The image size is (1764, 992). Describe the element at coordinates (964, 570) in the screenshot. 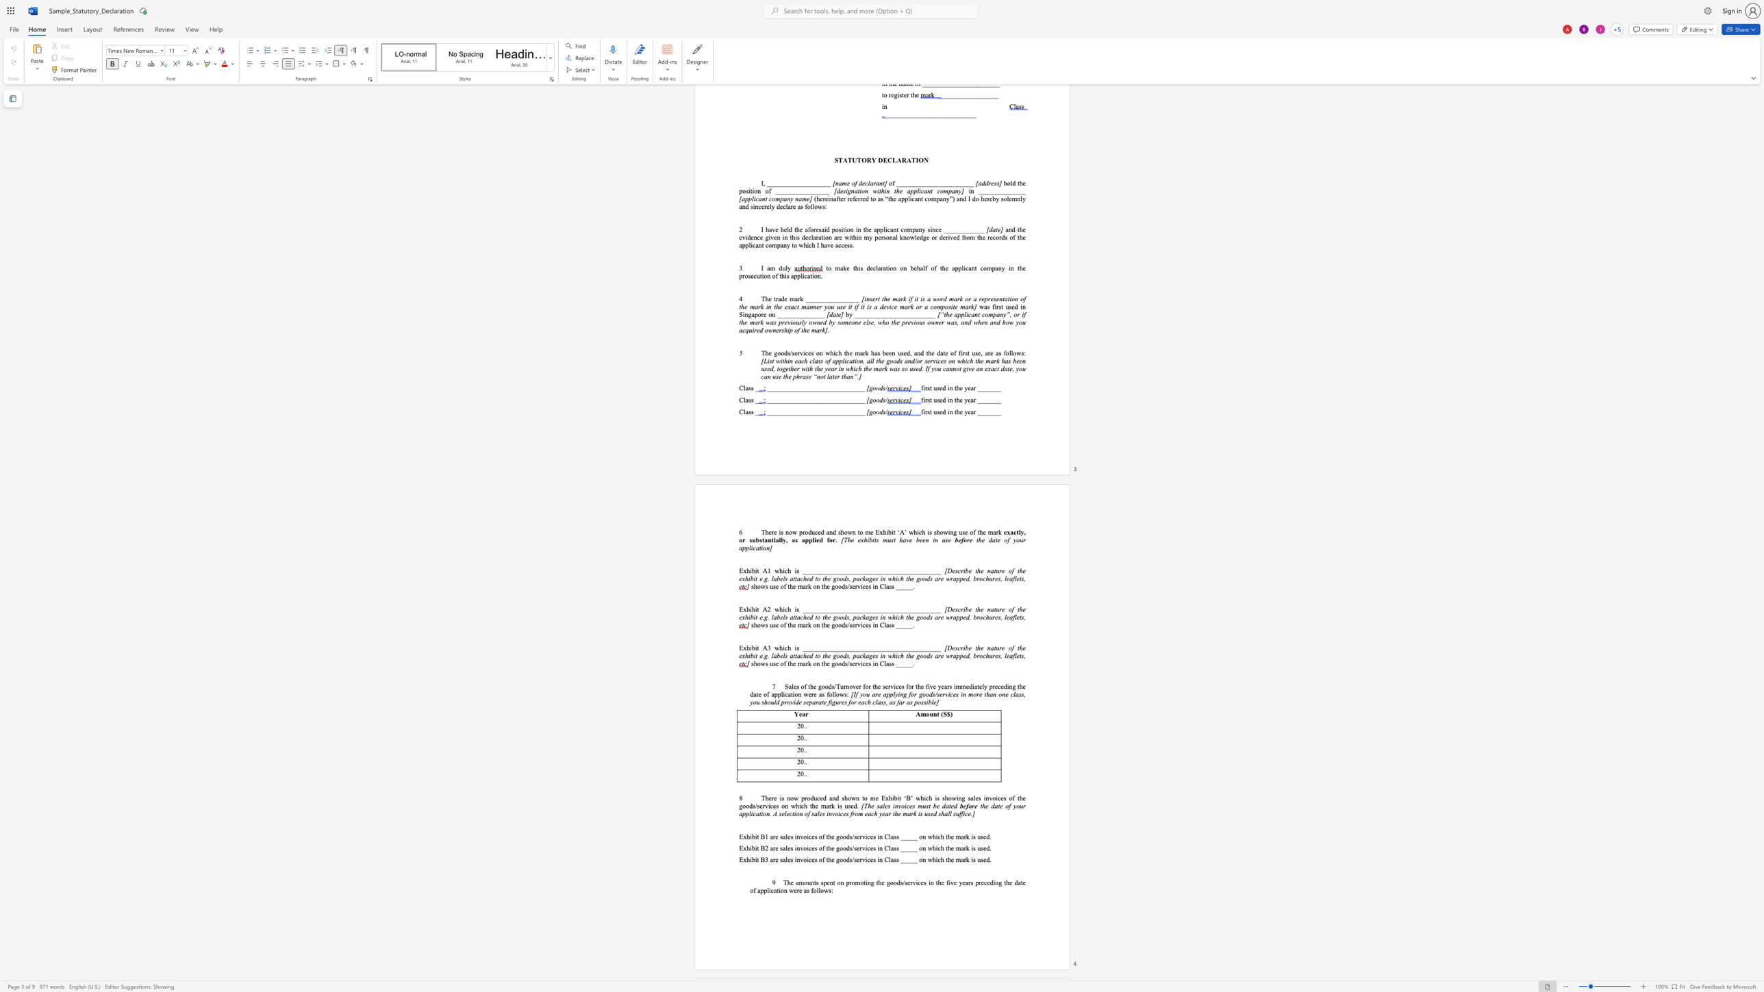

I see `the 1th character "i" in the text` at that location.